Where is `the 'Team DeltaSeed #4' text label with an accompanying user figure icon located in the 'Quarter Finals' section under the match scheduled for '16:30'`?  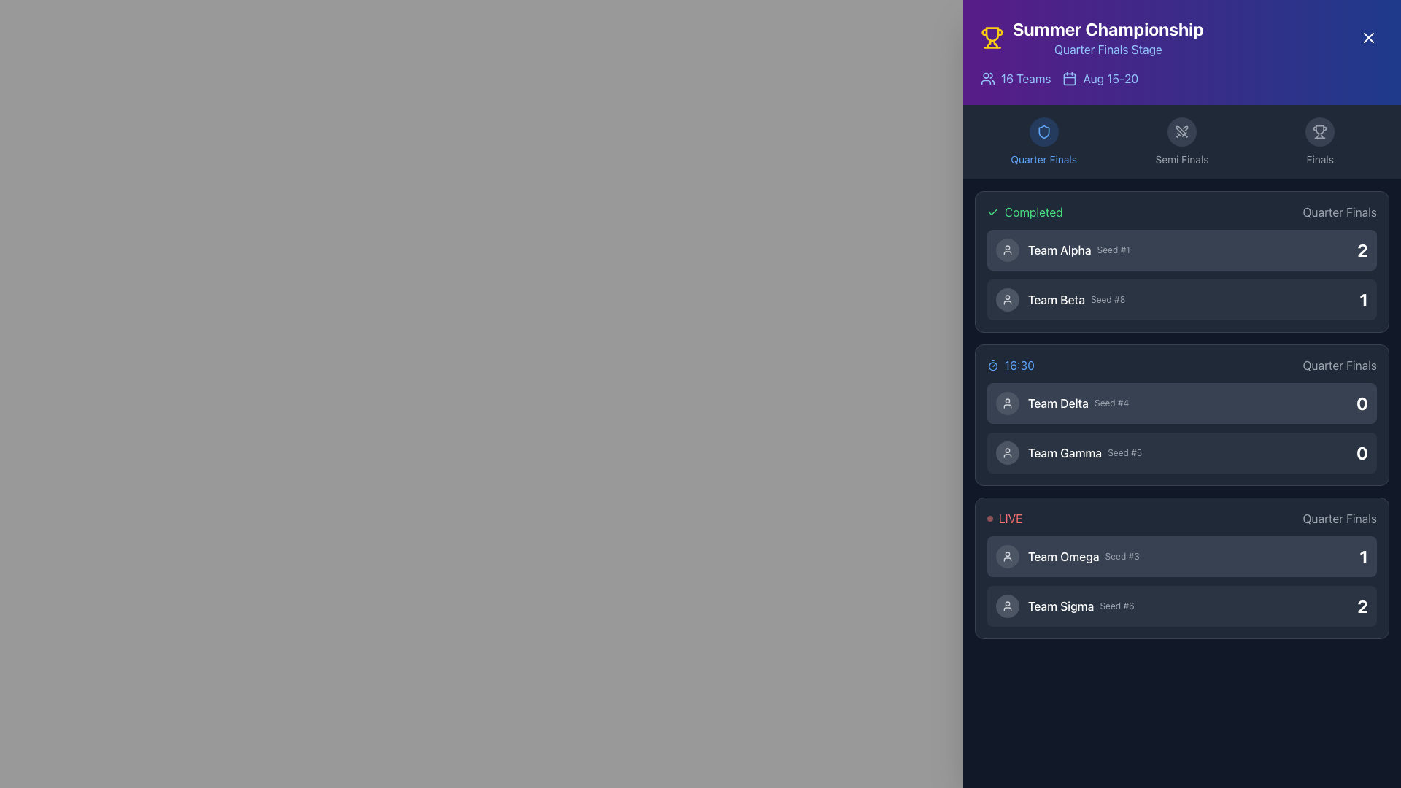
the 'Team DeltaSeed #4' text label with an accompanying user figure icon located in the 'Quarter Finals' section under the match scheduled for '16:30' is located at coordinates (1062, 403).